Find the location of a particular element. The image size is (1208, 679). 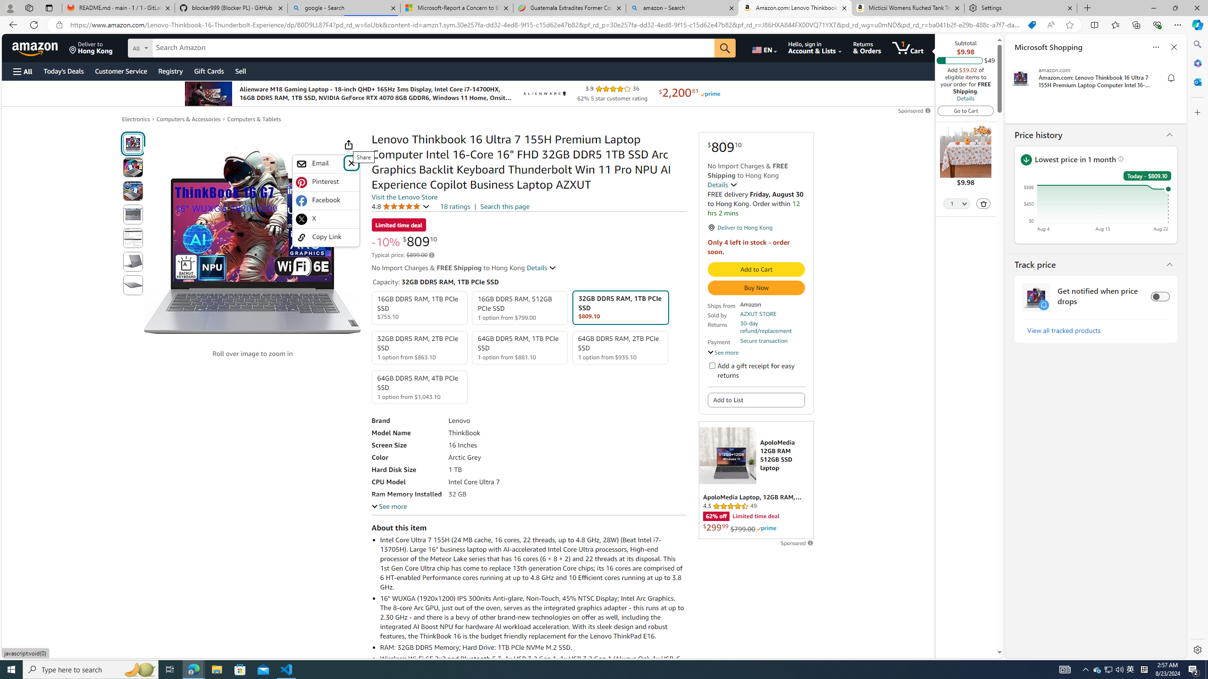

'Go to Cart' is located at coordinates (965, 110).